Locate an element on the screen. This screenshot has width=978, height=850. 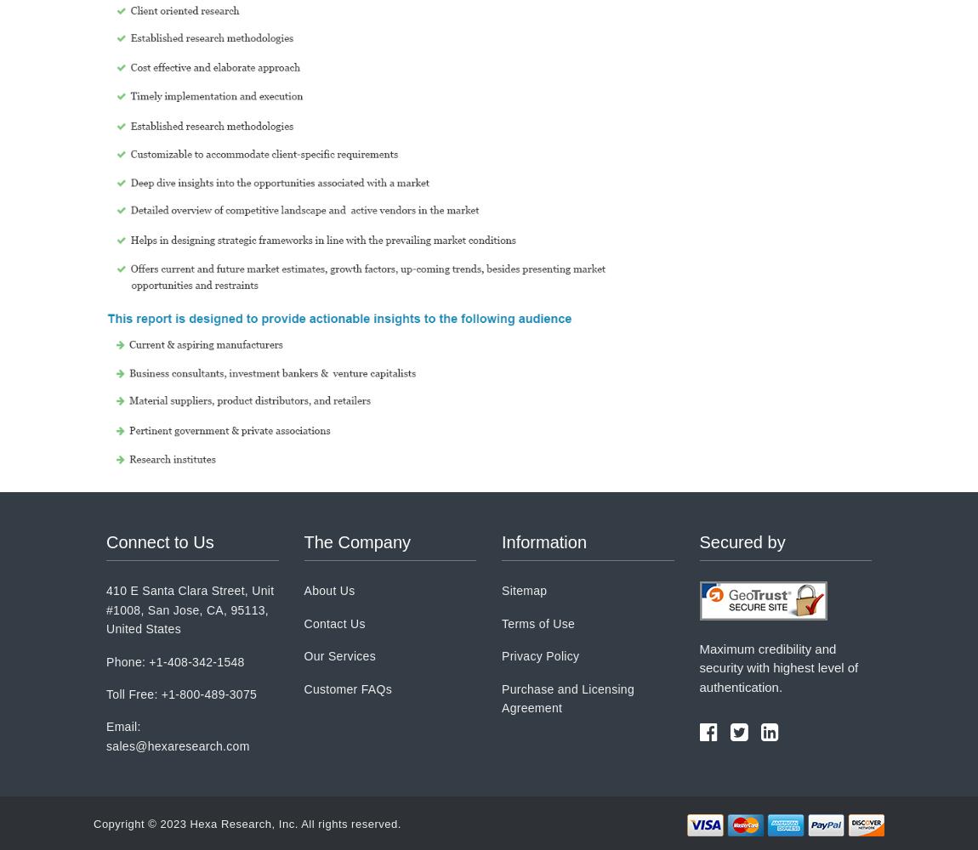
'Toll Free: +1-800-489-3075' is located at coordinates (180, 693).